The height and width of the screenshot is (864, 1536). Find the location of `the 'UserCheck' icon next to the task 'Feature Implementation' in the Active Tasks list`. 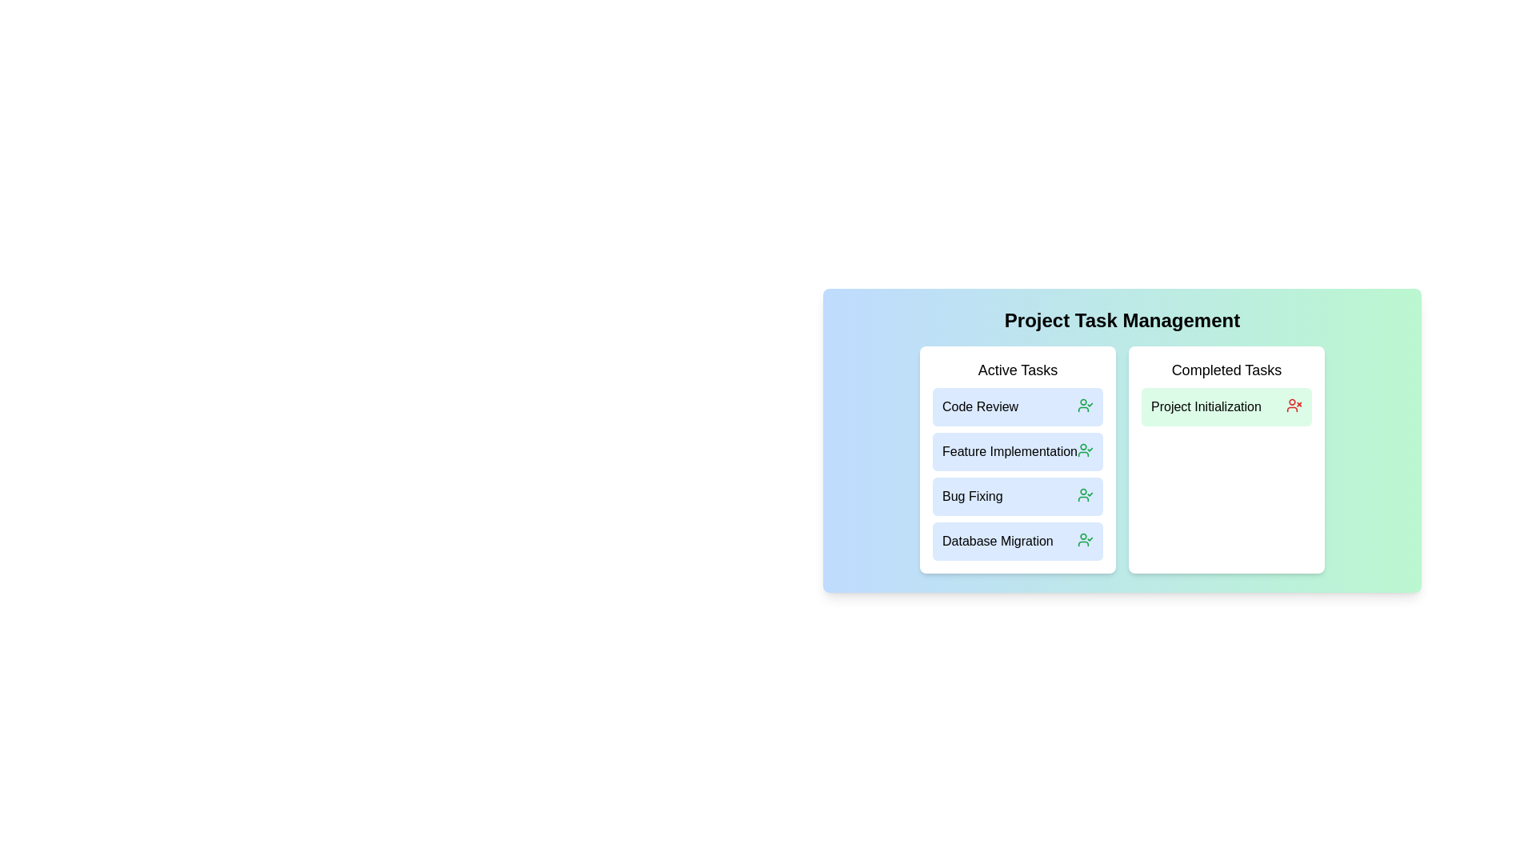

the 'UserCheck' icon next to the task 'Feature Implementation' in the Active Tasks list is located at coordinates (1086, 450).